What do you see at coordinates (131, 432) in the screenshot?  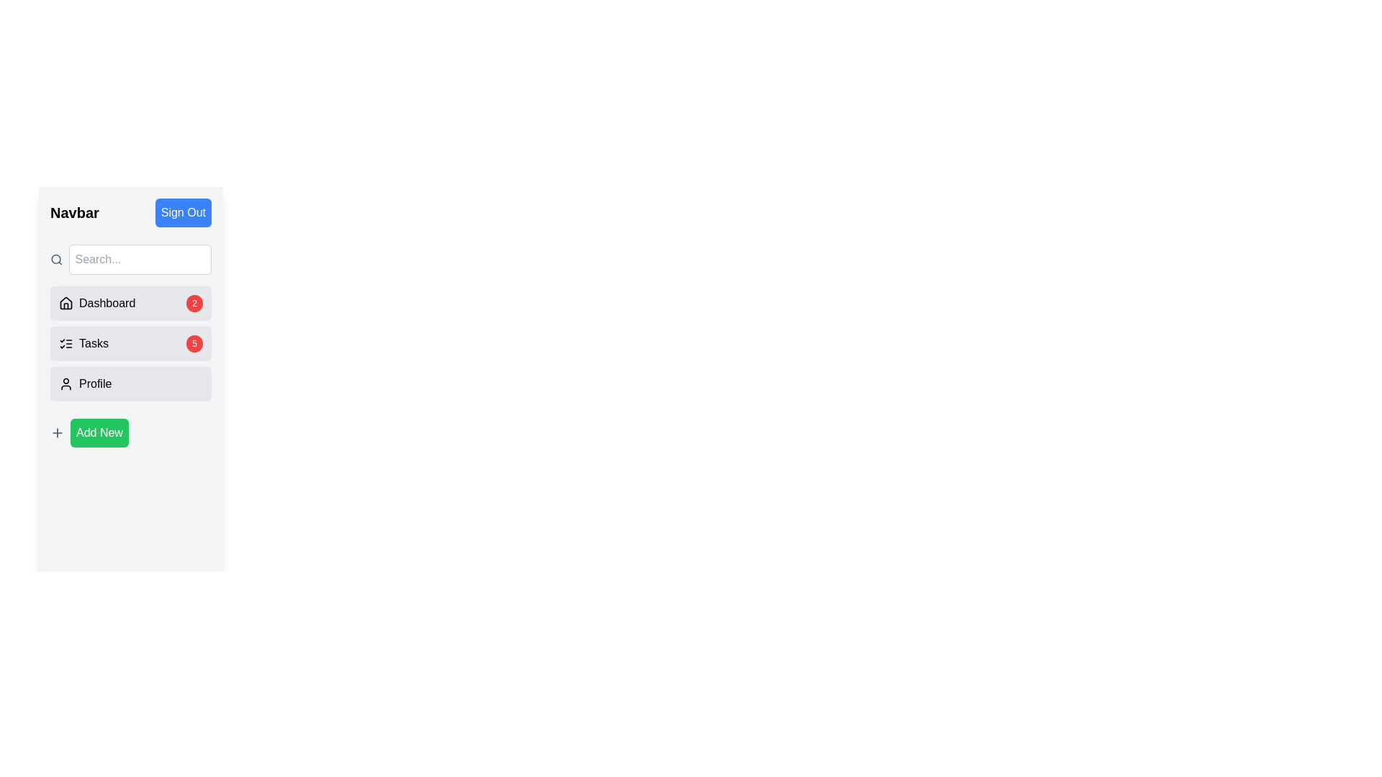 I see `the green 'Add New' button located at the bottom of the vertical navigation panel` at bounding box center [131, 432].